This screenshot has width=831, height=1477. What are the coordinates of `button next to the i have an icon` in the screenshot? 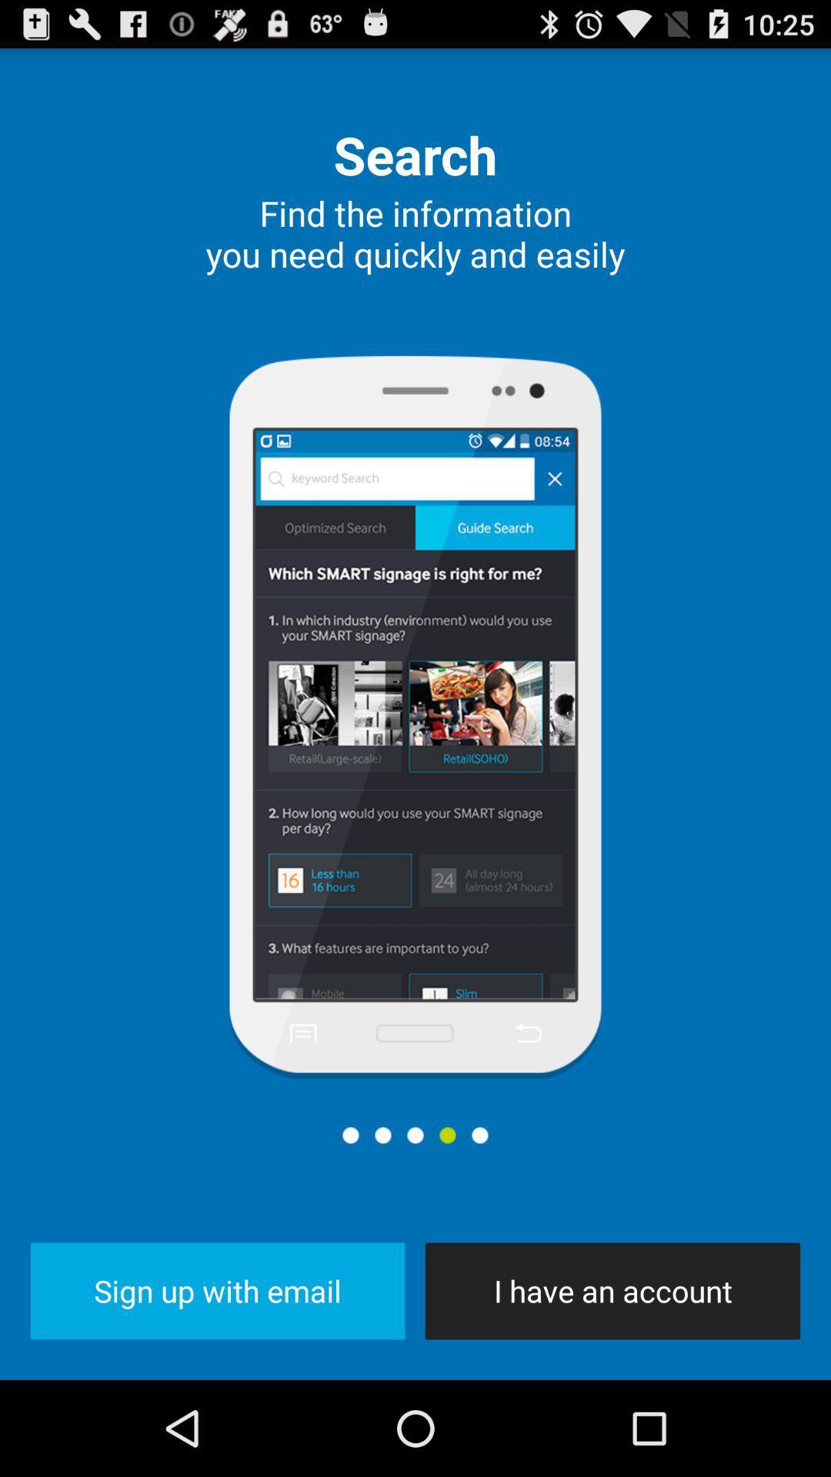 It's located at (218, 1291).